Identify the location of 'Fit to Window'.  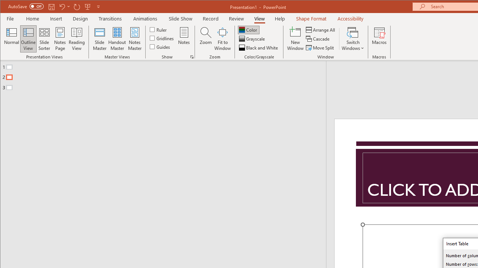
(222, 39).